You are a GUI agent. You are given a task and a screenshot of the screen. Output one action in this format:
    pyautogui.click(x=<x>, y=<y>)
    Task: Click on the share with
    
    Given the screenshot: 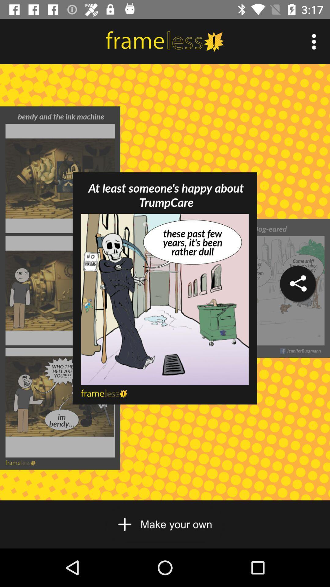 What is the action you would take?
    pyautogui.click(x=297, y=283)
    